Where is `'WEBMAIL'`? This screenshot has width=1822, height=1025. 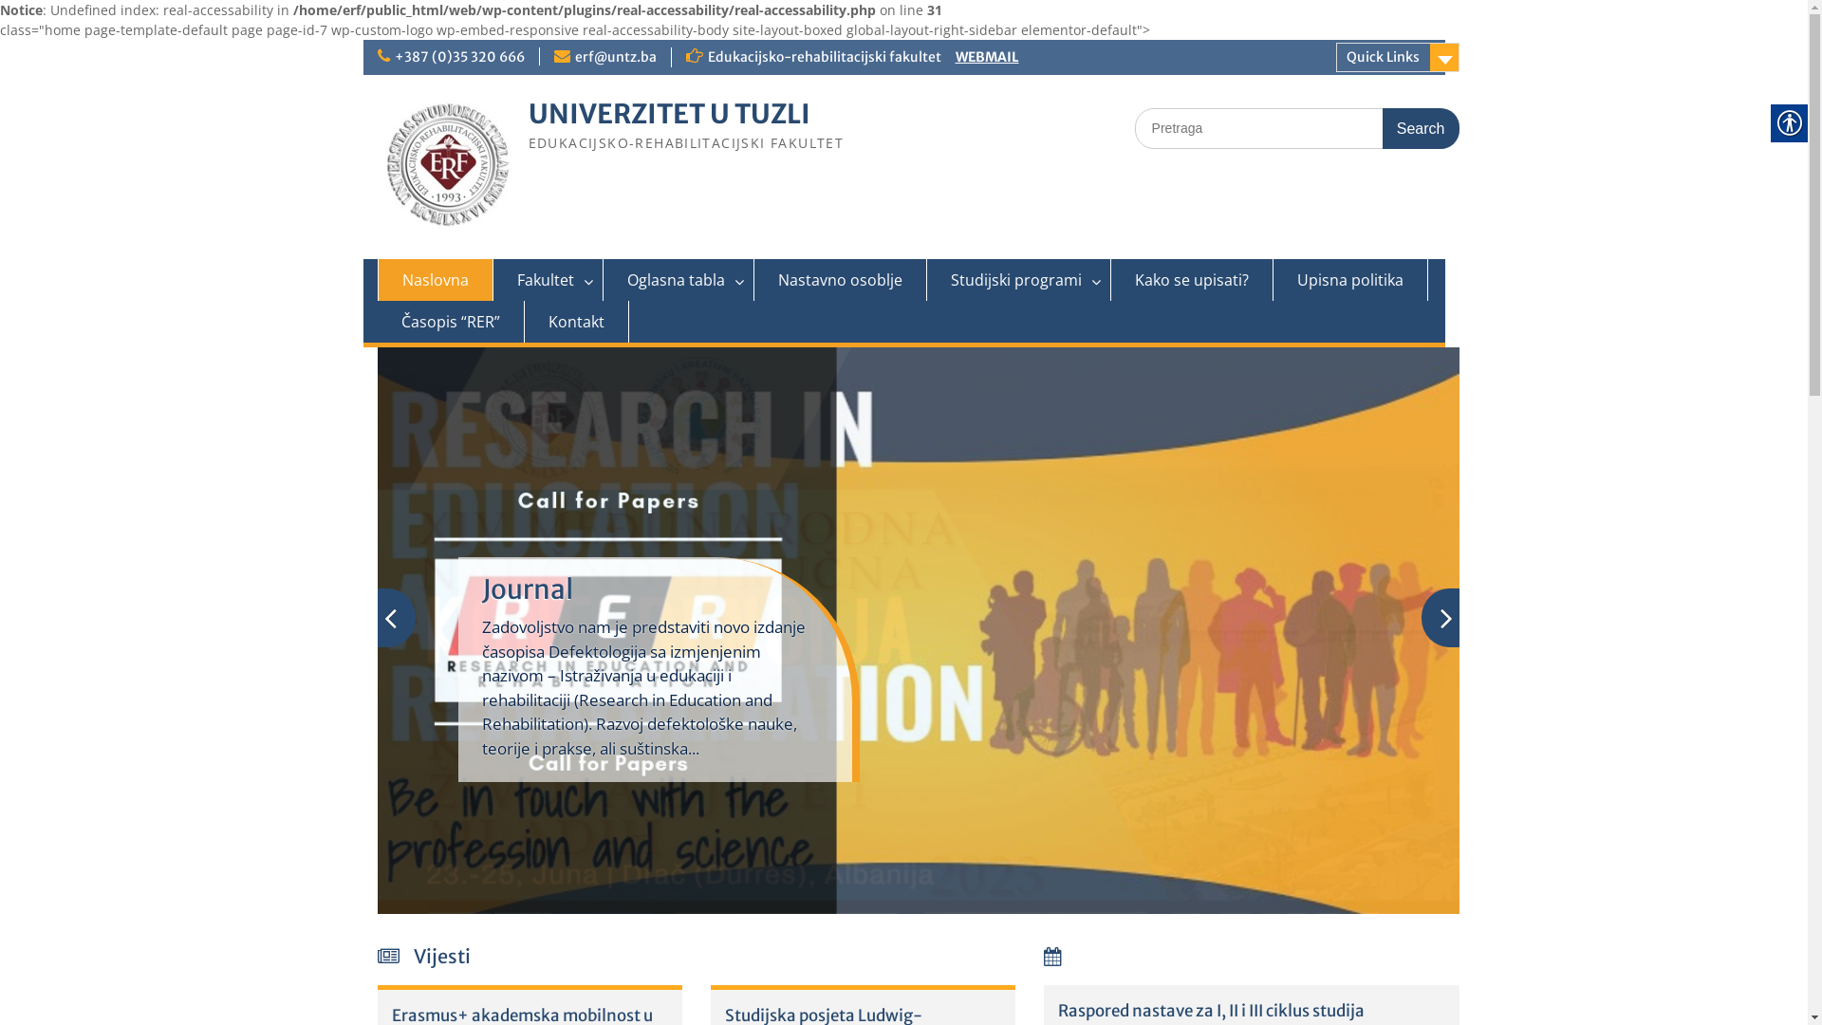
'WEBMAIL' is located at coordinates (986, 56).